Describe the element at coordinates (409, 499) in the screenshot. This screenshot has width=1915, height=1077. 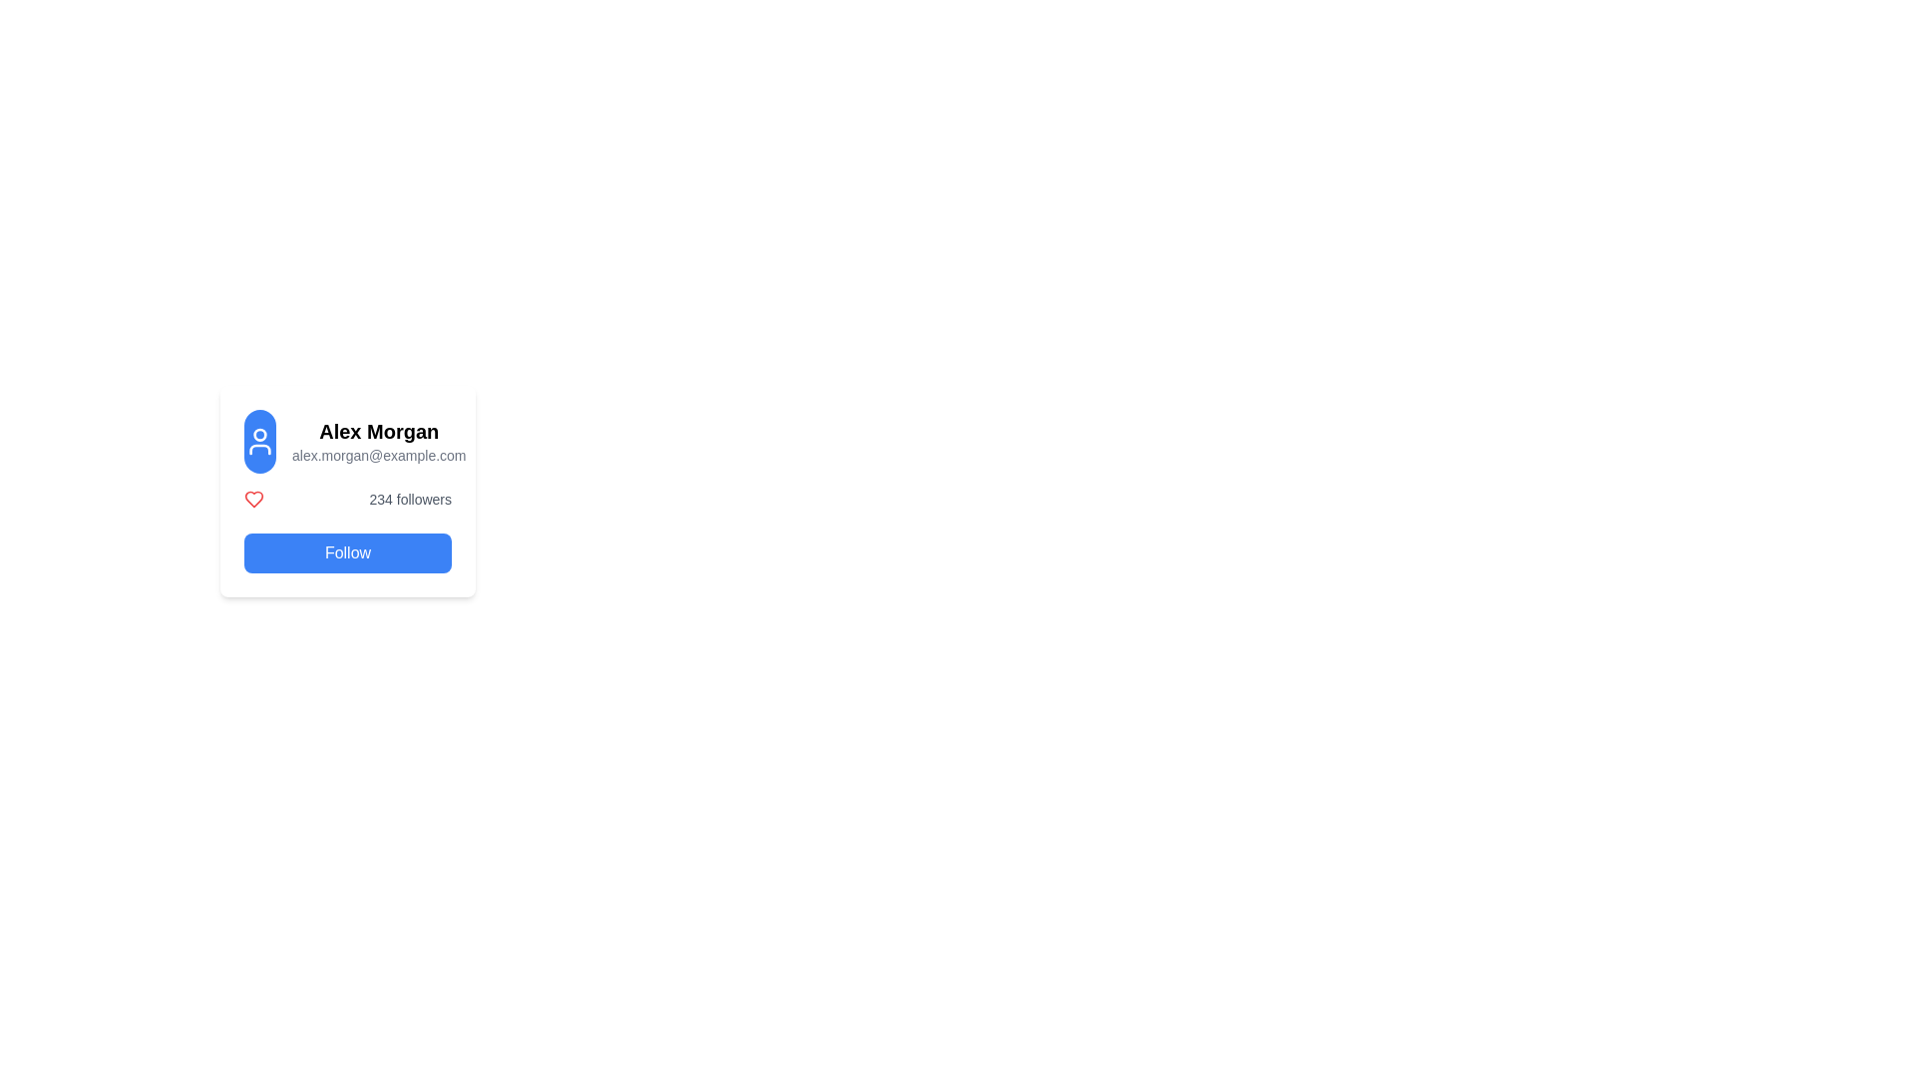
I see `the text label displaying '234 followers' in gray font, indicating the count of social media followers, located below the user profile details` at that location.